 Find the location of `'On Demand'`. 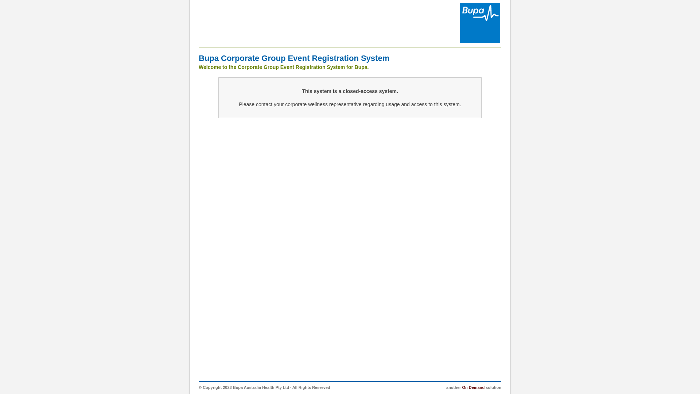

'On Demand' is located at coordinates (473, 387).